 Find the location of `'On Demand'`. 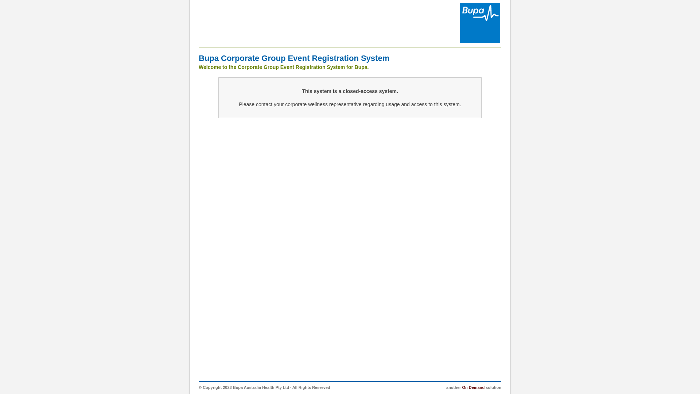

'On Demand' is located at coordinates (473, 387).